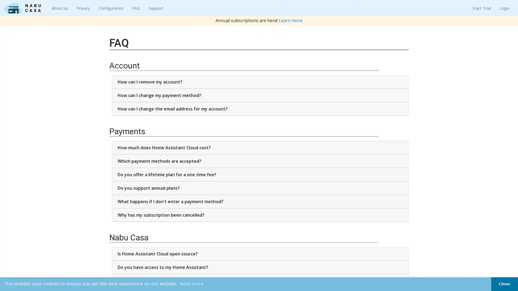  I want to click on Do you support annual plans?, so click(260, 188).